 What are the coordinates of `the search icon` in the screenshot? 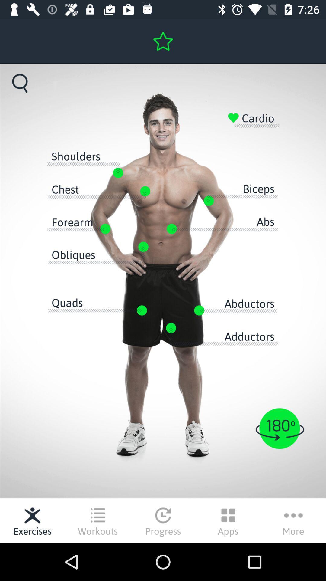 It's located at (19, 83).